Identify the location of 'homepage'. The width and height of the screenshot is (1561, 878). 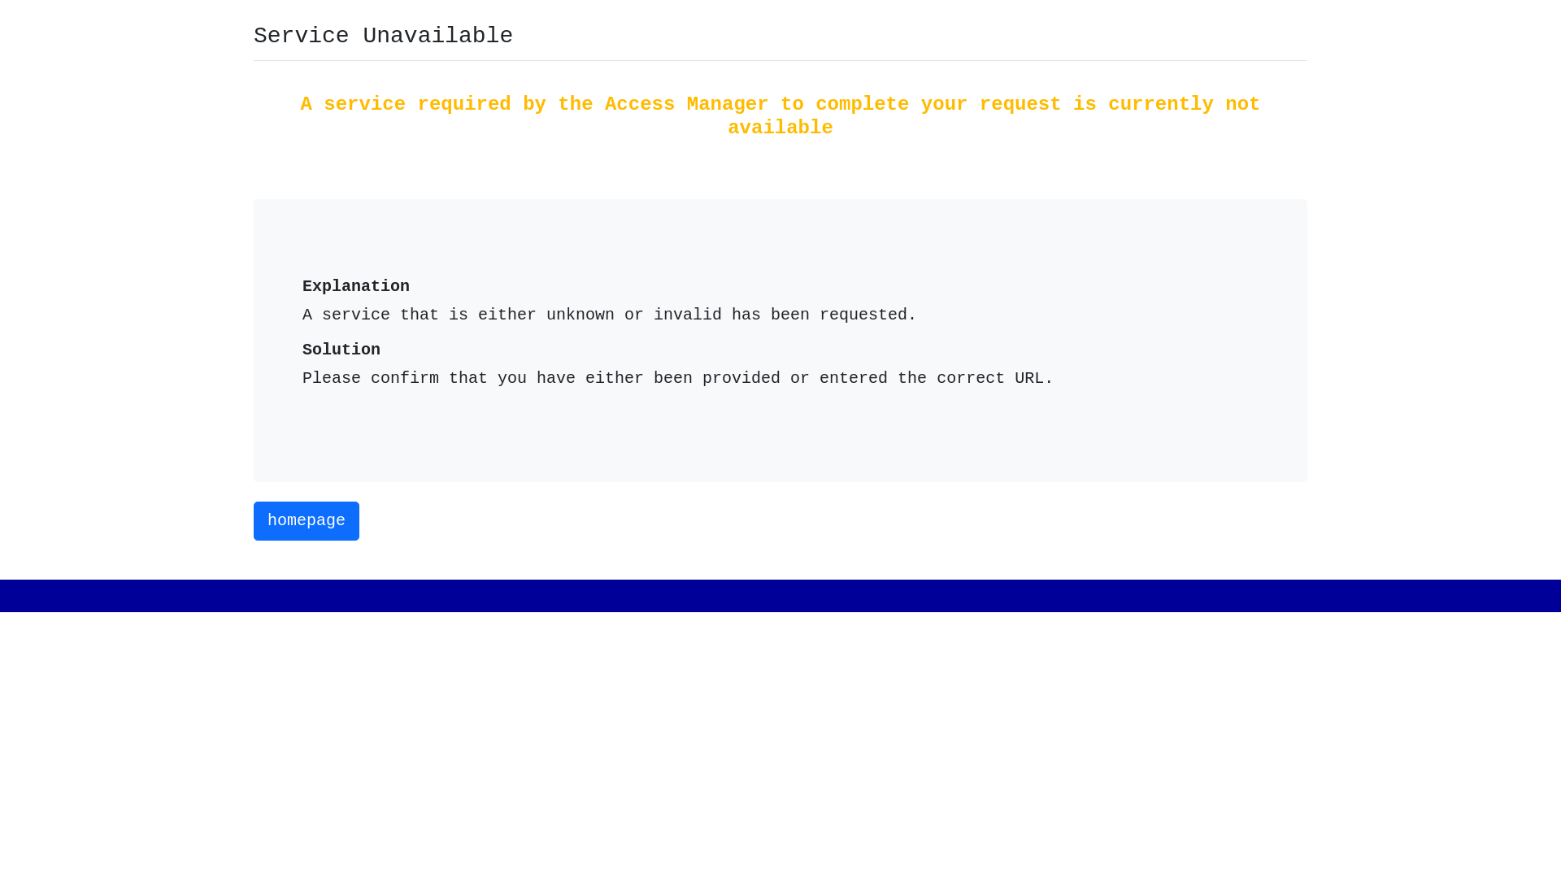
(307, 520).